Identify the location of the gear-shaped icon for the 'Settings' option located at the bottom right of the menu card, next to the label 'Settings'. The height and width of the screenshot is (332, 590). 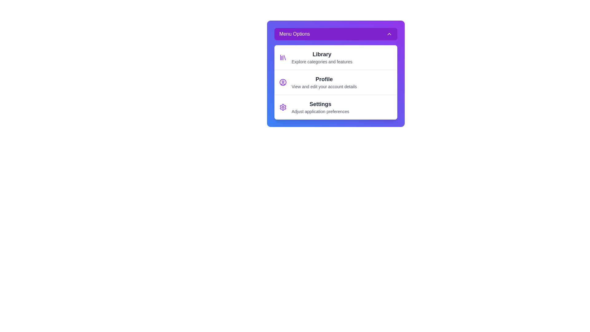
(283, 107).